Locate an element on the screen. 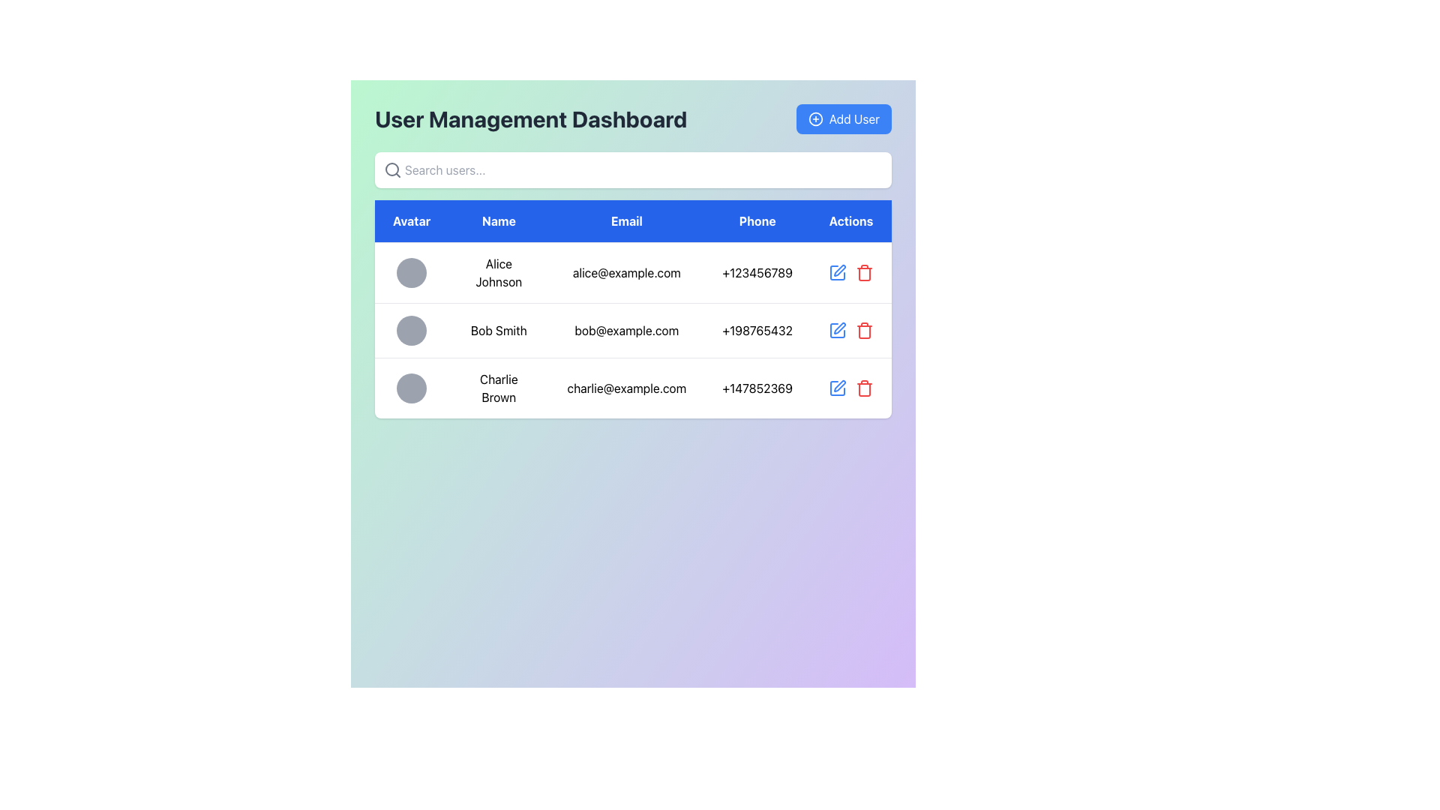 The image size is (1440, 810). the SVG circle element that represents the '+' symbol for the 'Add User' button located at the top-right corner of the interface is located at coordinates (814, 118).